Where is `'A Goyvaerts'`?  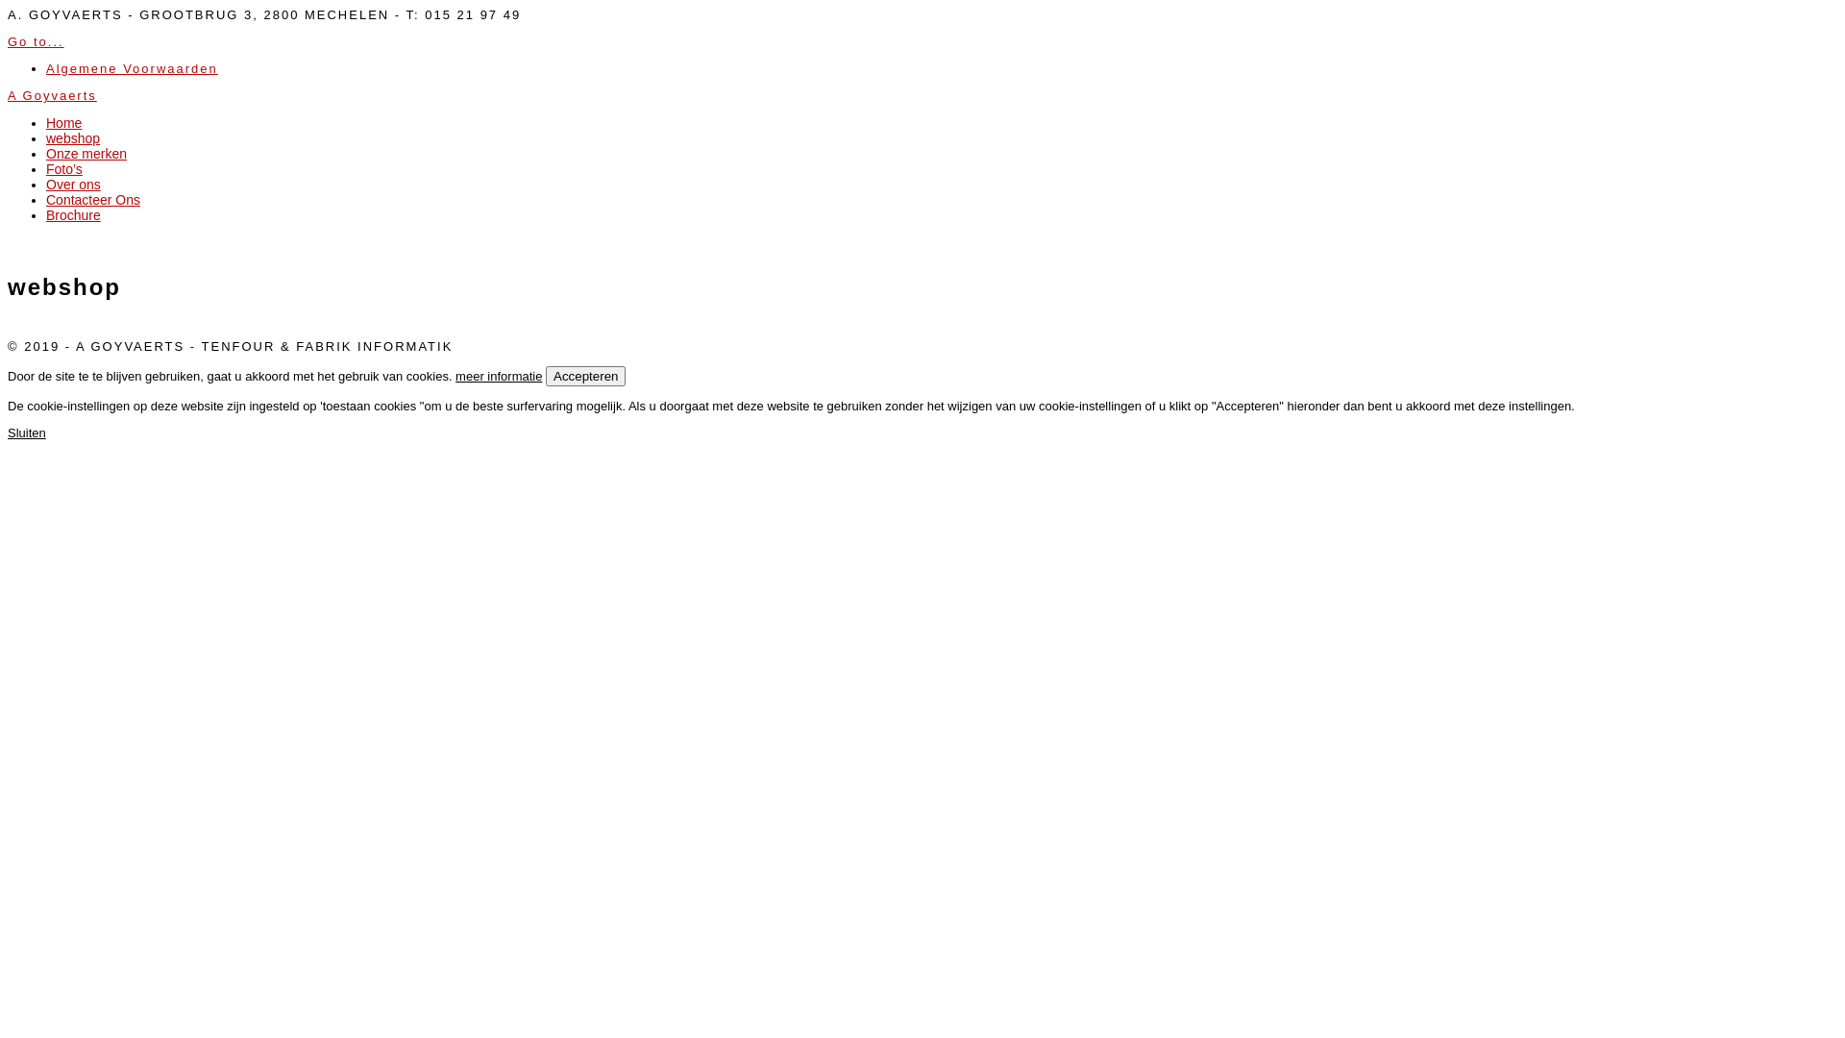
'A Goyvaerts' is located at coordinates (52, 95).